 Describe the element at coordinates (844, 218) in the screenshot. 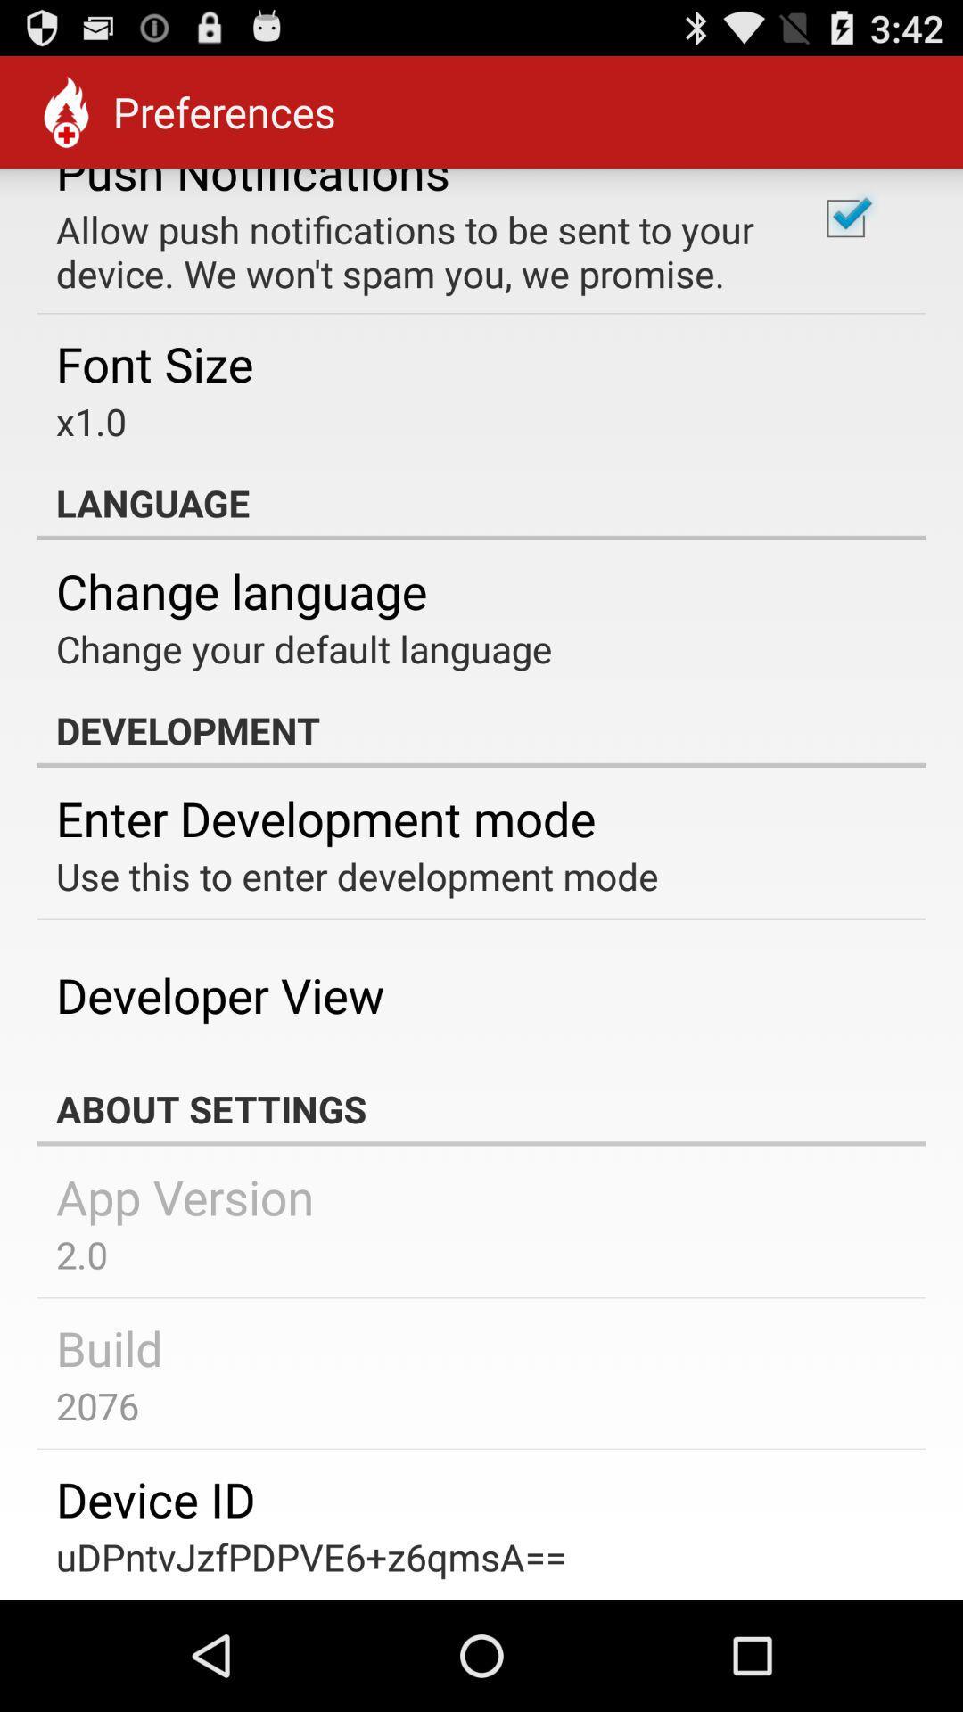

I see `the item at the top right corner` at that location.